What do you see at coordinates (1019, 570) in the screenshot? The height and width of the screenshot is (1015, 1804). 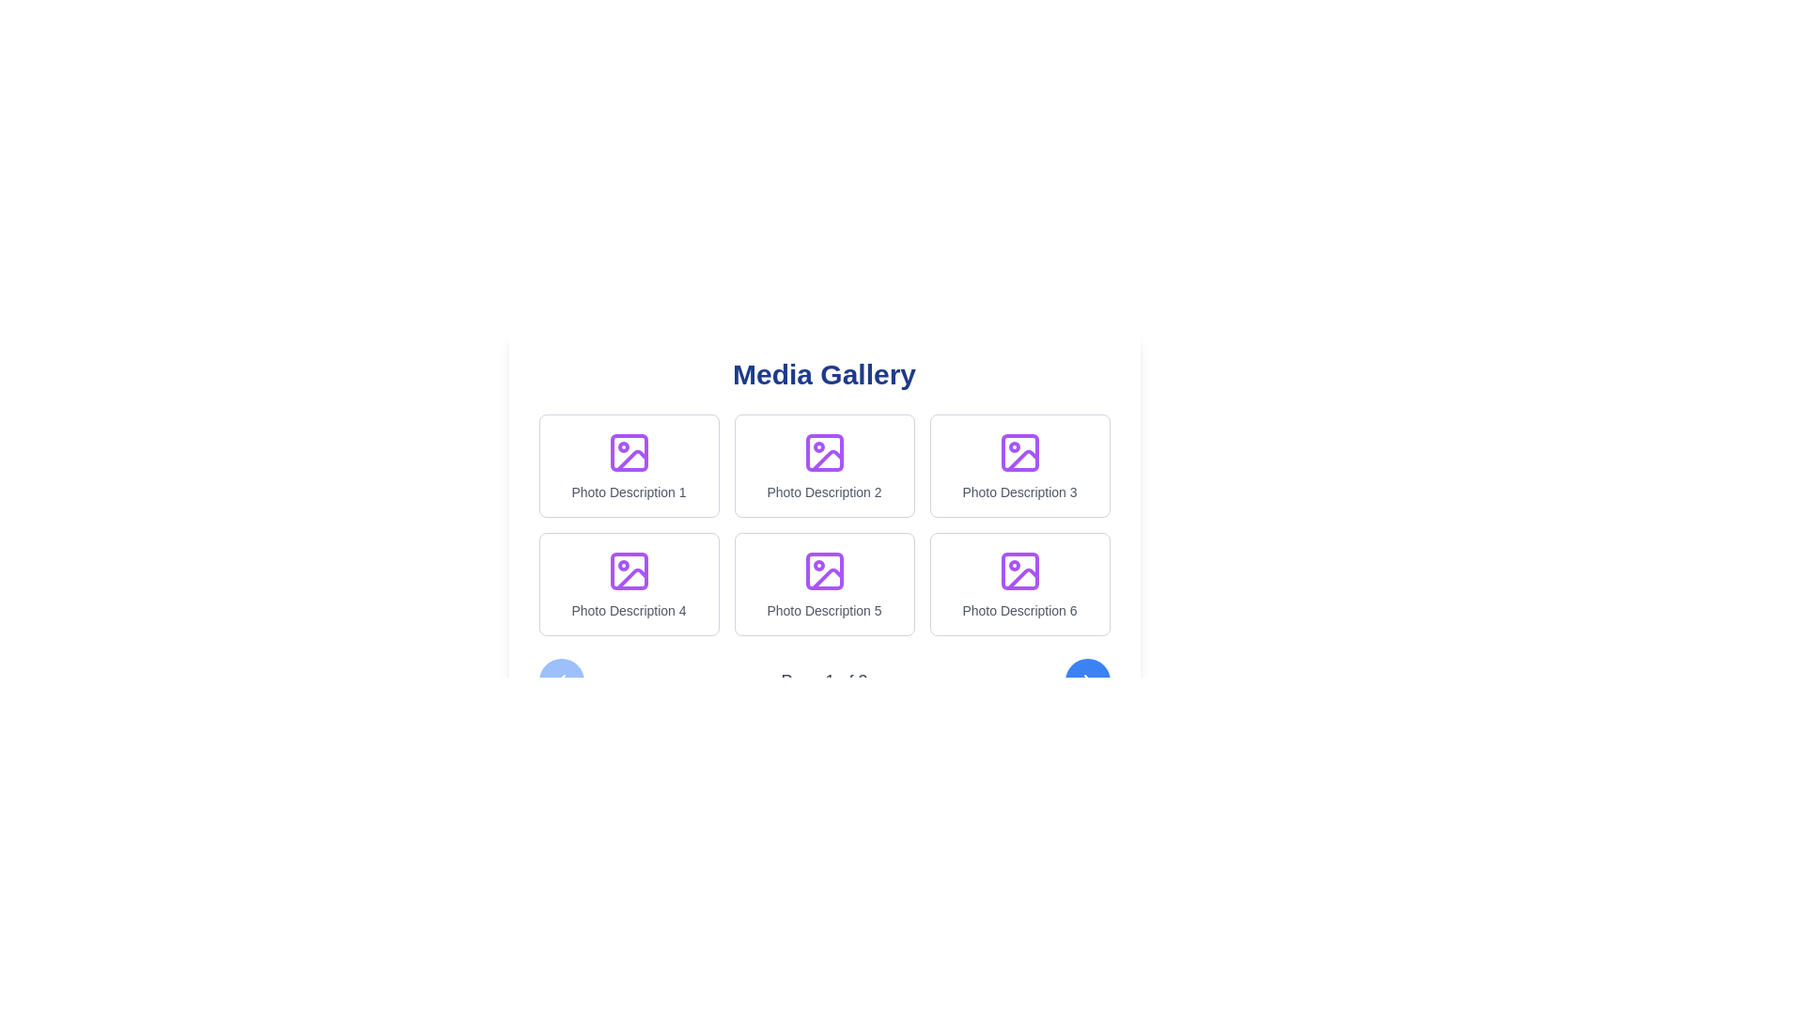 I see `the purple rounded square icon representing an image located in the bottom-right of the grid under the 'Photo Description 6' label` at bounding box center [1019, 570].